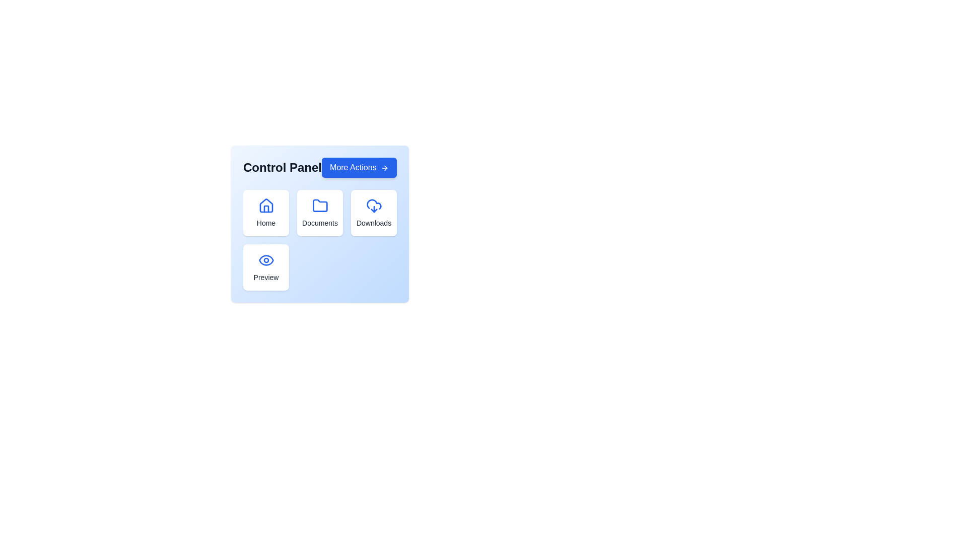 Image resolution: width=967 pixels, height=544 pixels. What do you see at coordinates (266, 213) in the screenshot?
I see `the 'Home' button` at bounding box center [266, 213].